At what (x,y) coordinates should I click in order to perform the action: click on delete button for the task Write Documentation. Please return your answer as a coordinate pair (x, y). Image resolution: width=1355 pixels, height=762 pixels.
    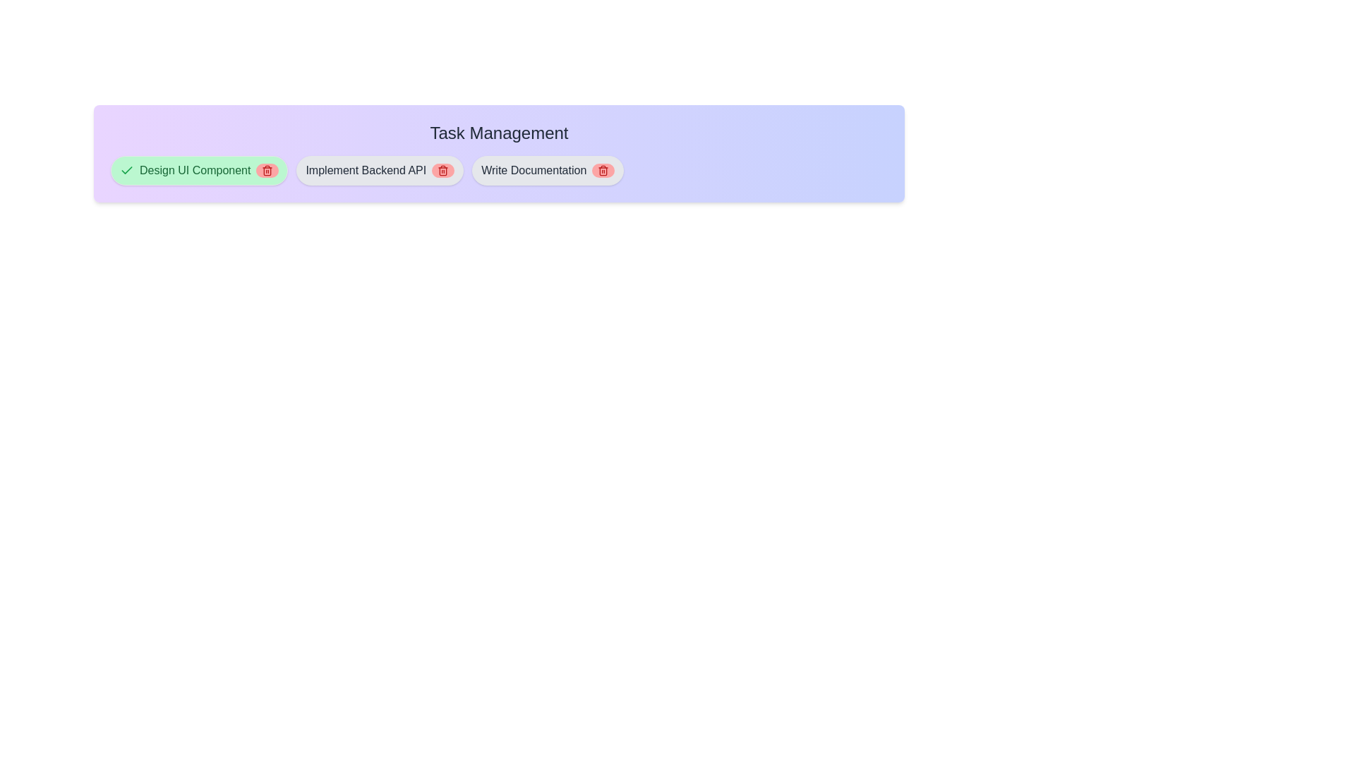
    Looking at the image, I should click on (603, 170).